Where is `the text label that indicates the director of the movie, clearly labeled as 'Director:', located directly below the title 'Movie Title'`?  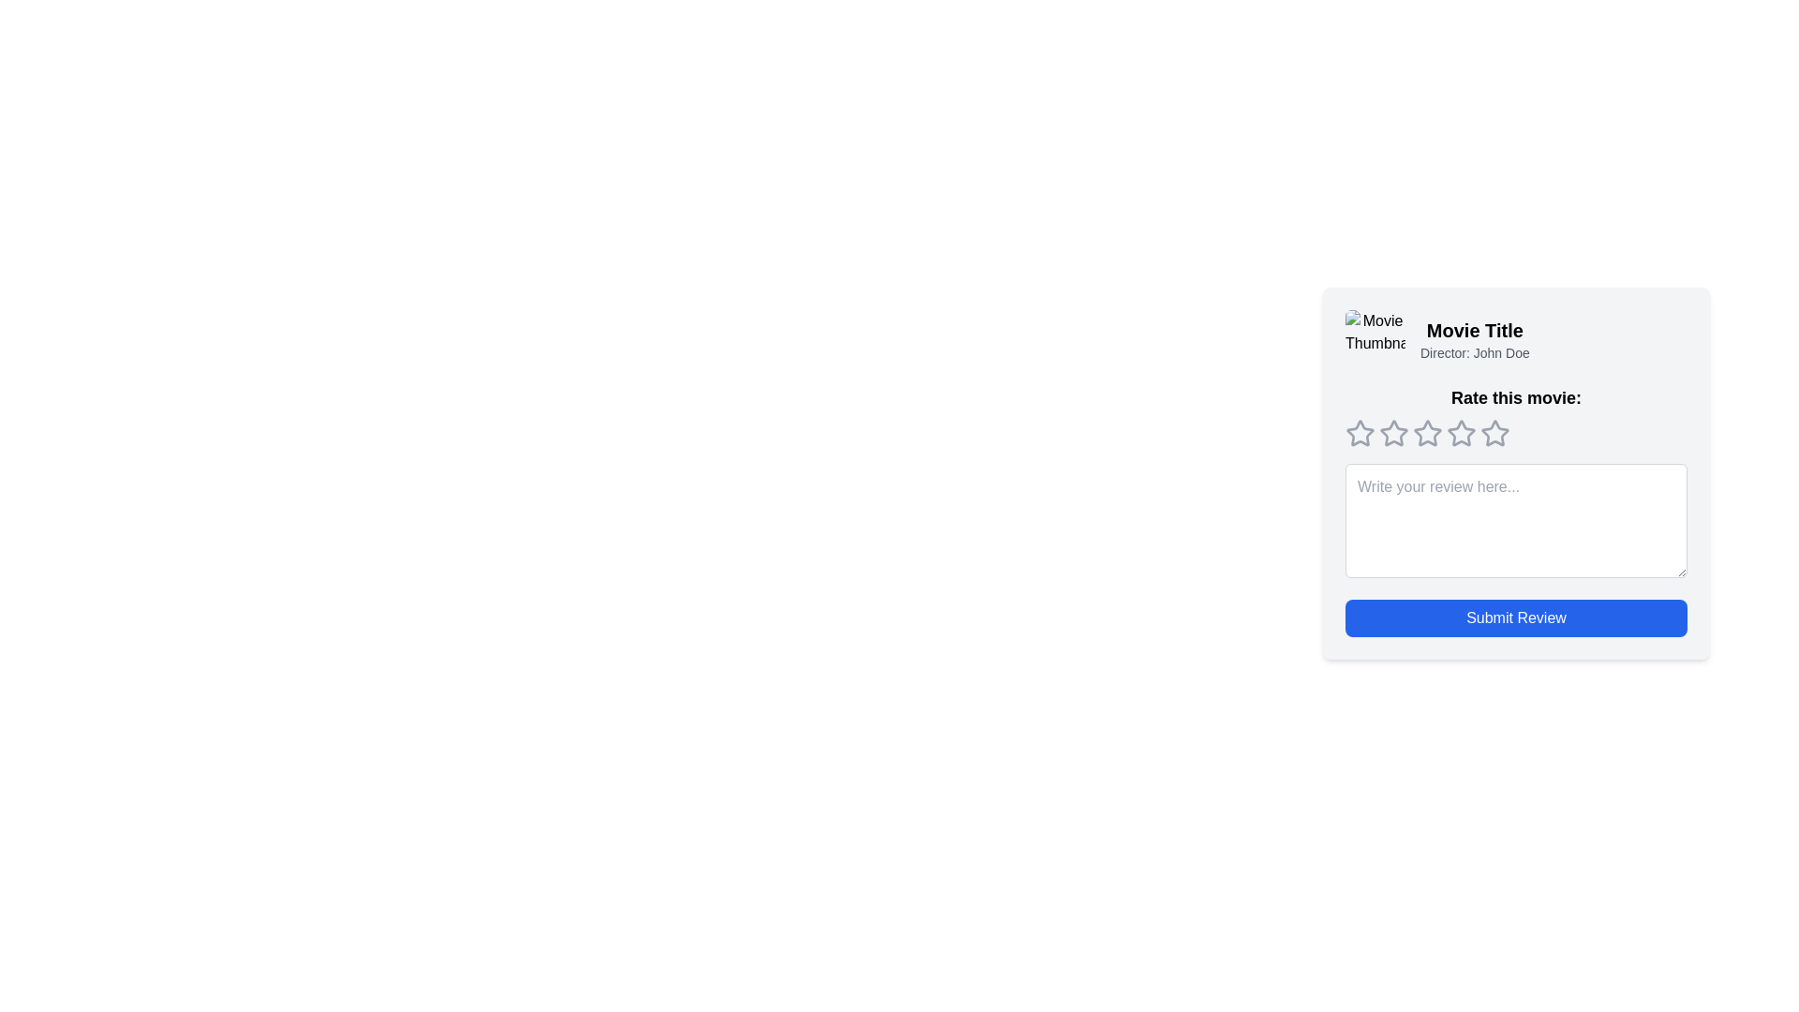 the text label that indicates the director of the movie, clearly labeled as 'Director:', located directly below the title 'Movie Title' is located at coordinates (1474, 353).